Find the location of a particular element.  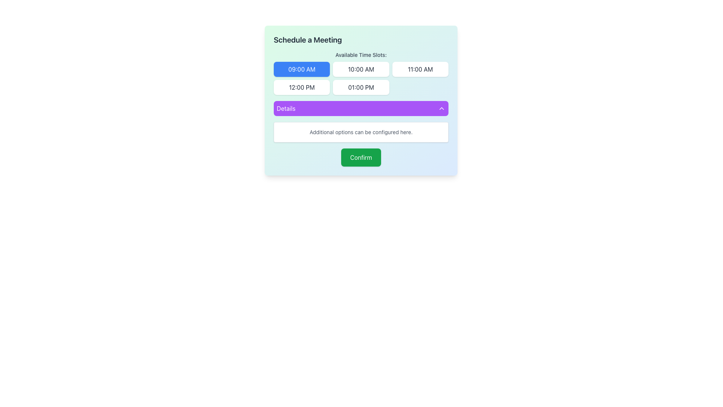

the button labeled '10:00 AM', which is the second button in the horizontal grid of time selection buttons under 'Available Time Slots' is located at coordinates (361, 69).